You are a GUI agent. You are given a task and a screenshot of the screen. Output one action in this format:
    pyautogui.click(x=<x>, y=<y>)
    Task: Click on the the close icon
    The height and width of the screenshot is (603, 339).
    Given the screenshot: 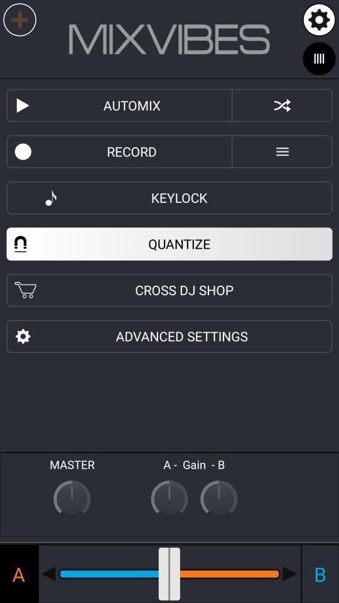 What is the action you would take?
    pyautogui.click(x=282, y=105)
    